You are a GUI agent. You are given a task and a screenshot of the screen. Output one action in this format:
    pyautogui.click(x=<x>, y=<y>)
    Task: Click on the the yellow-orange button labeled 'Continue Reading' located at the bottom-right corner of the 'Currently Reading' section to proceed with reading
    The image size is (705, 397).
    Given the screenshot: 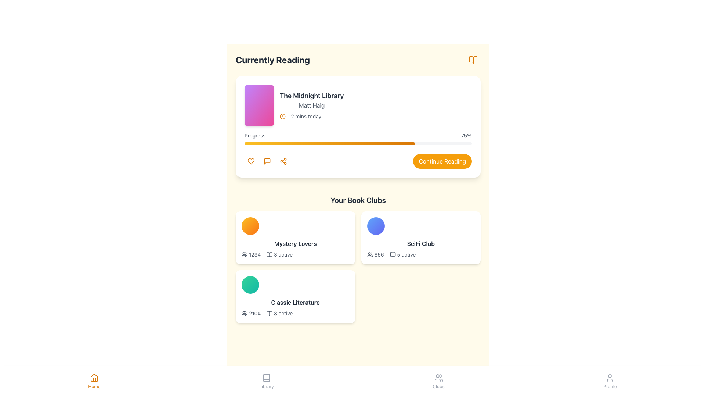 What is the action you would take?
    pyautogui.click(x=442, y=161)
    